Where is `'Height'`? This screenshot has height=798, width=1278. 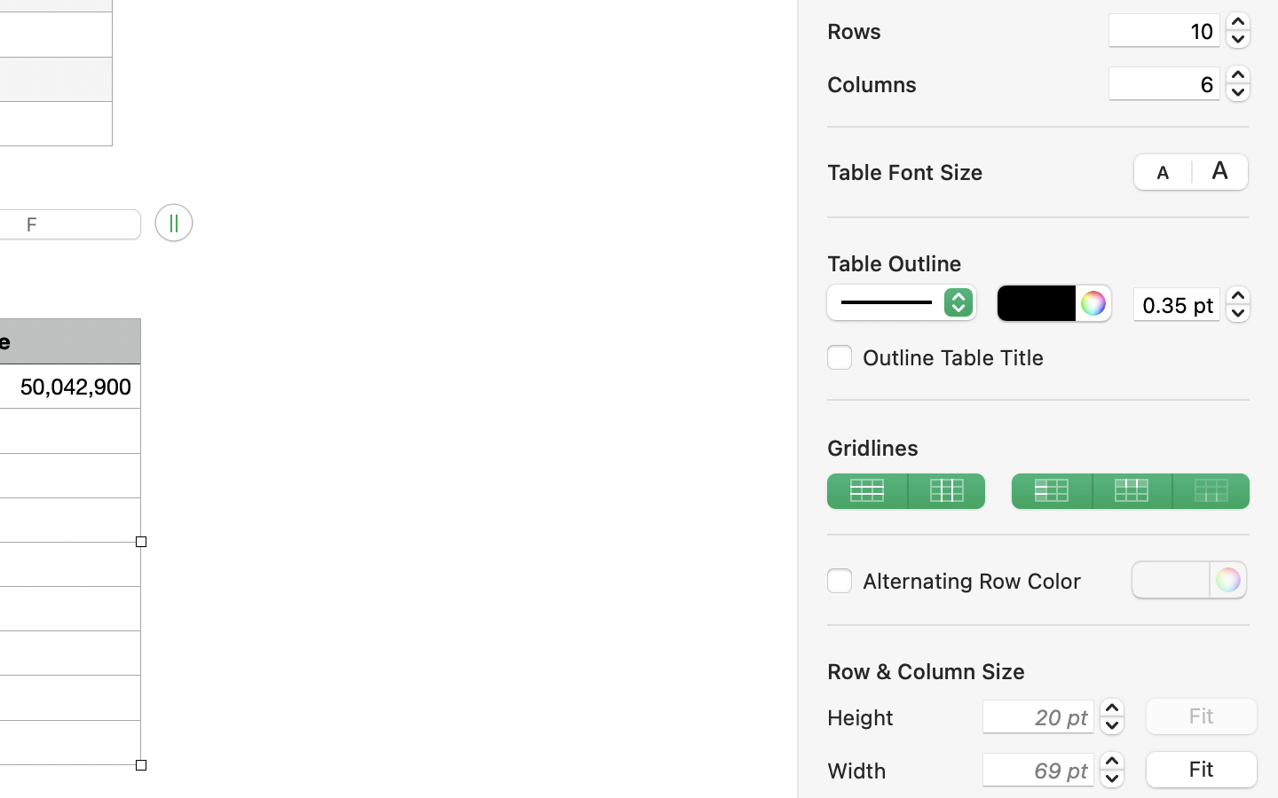 'Height' is located at coordinates (899, 717).